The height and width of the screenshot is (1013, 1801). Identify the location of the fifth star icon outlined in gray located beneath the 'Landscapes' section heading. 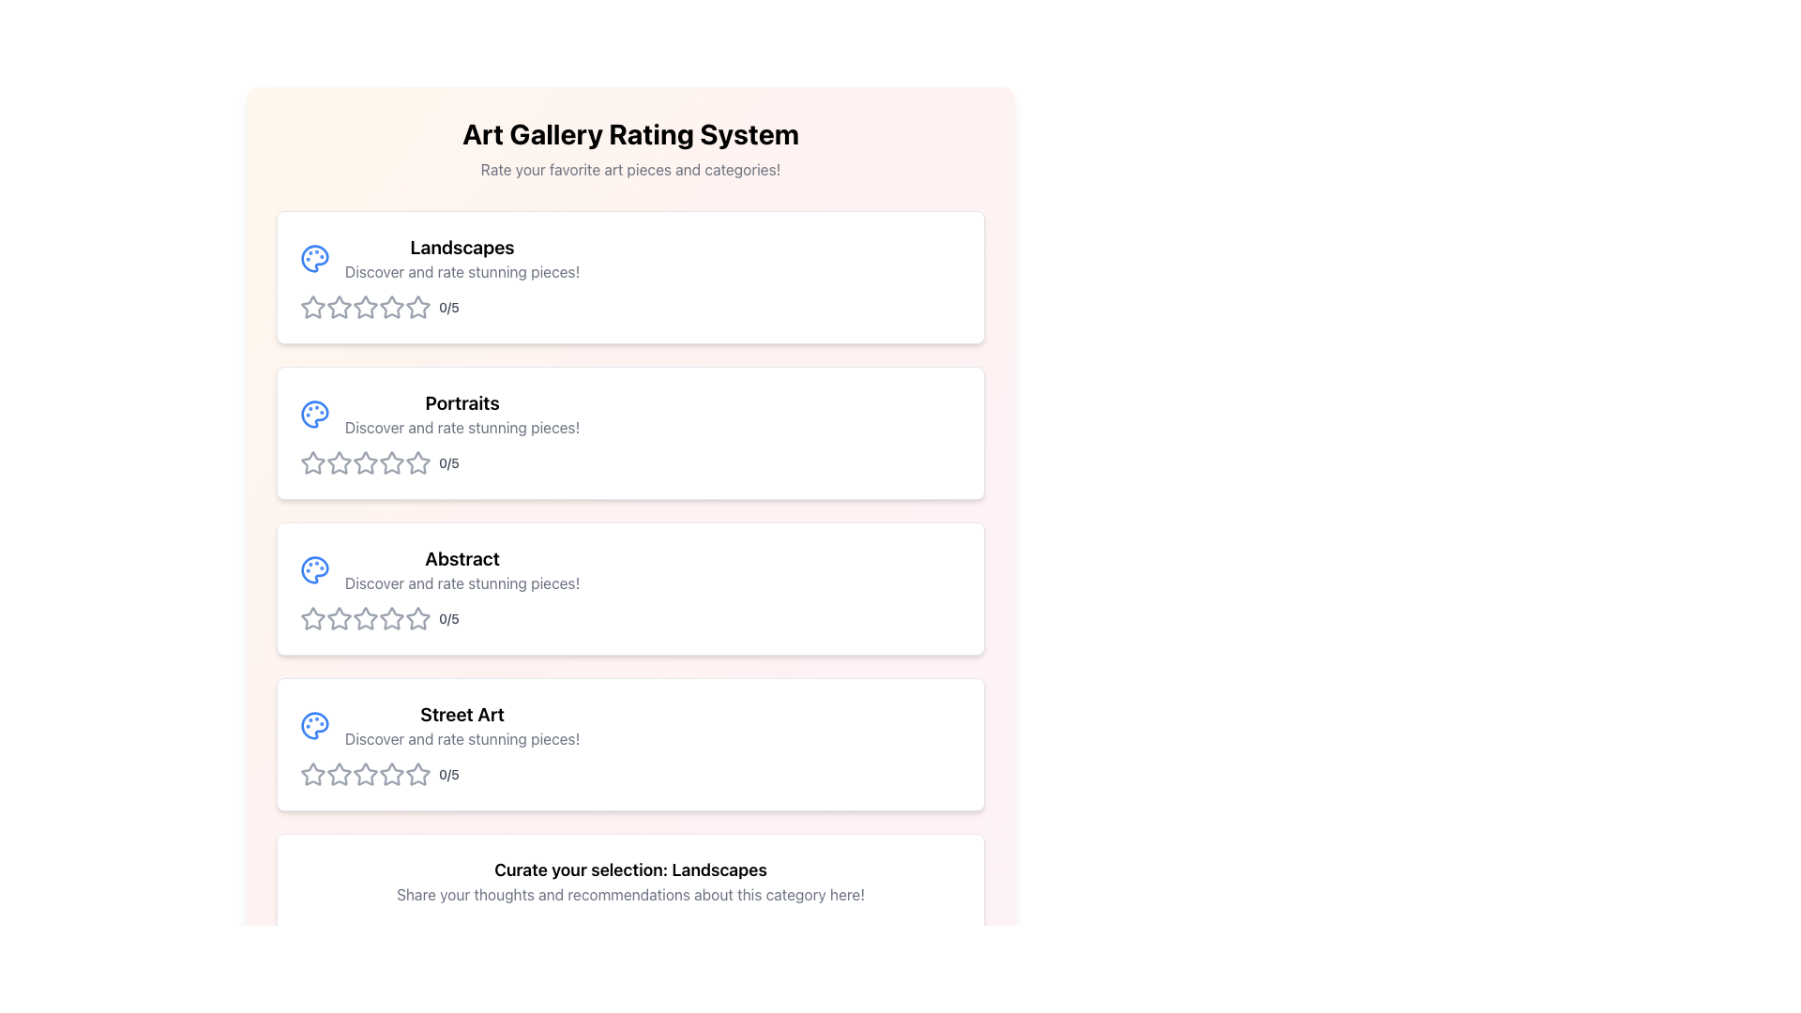
(390, 306).